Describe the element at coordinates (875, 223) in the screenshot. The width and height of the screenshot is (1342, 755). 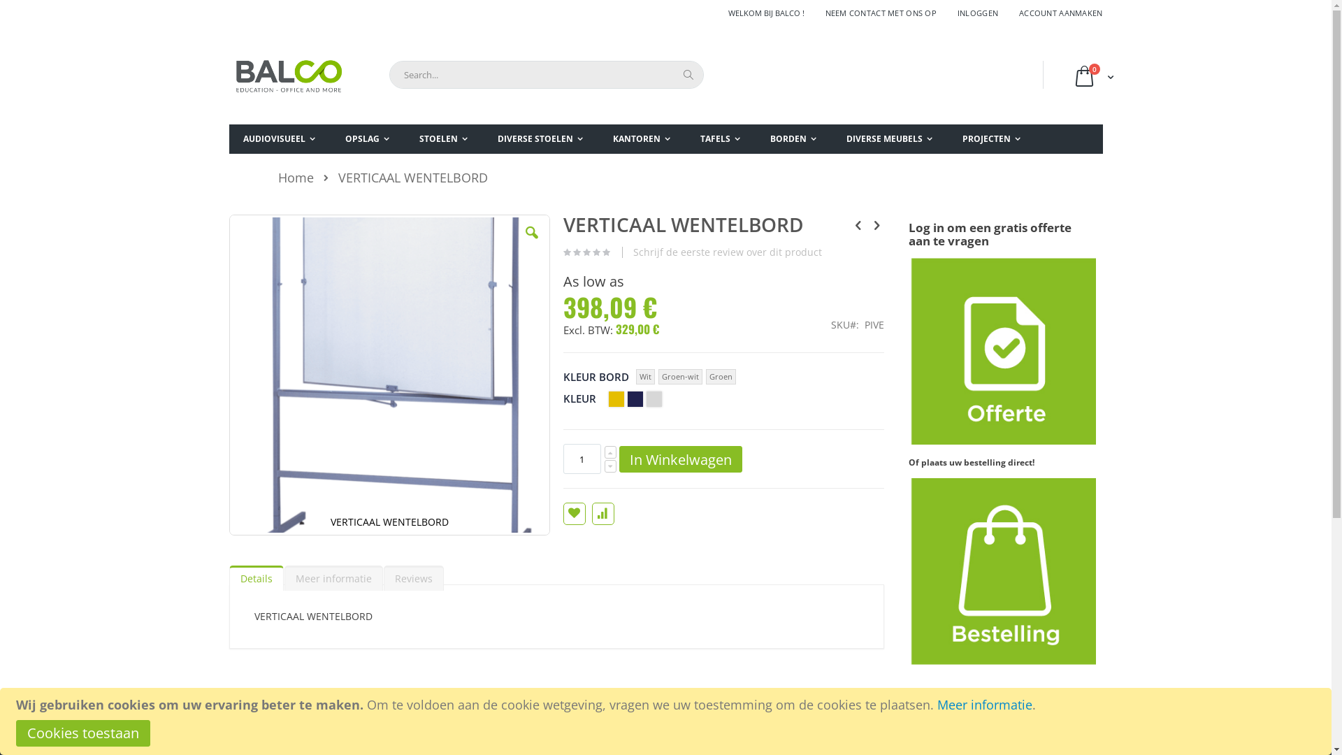
I see `'Next Product'` at that location.